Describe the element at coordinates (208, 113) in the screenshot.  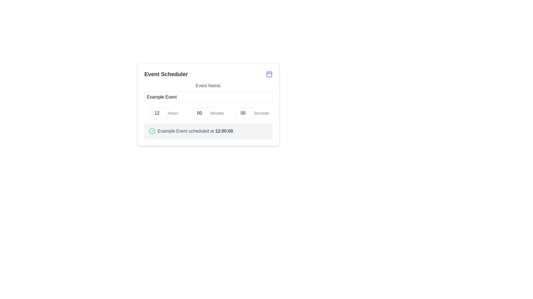
I see `the input field for specifying time located centrally within the 'Event Scheduler' card, below the 'Event Name' input field, to set focus` at that location.